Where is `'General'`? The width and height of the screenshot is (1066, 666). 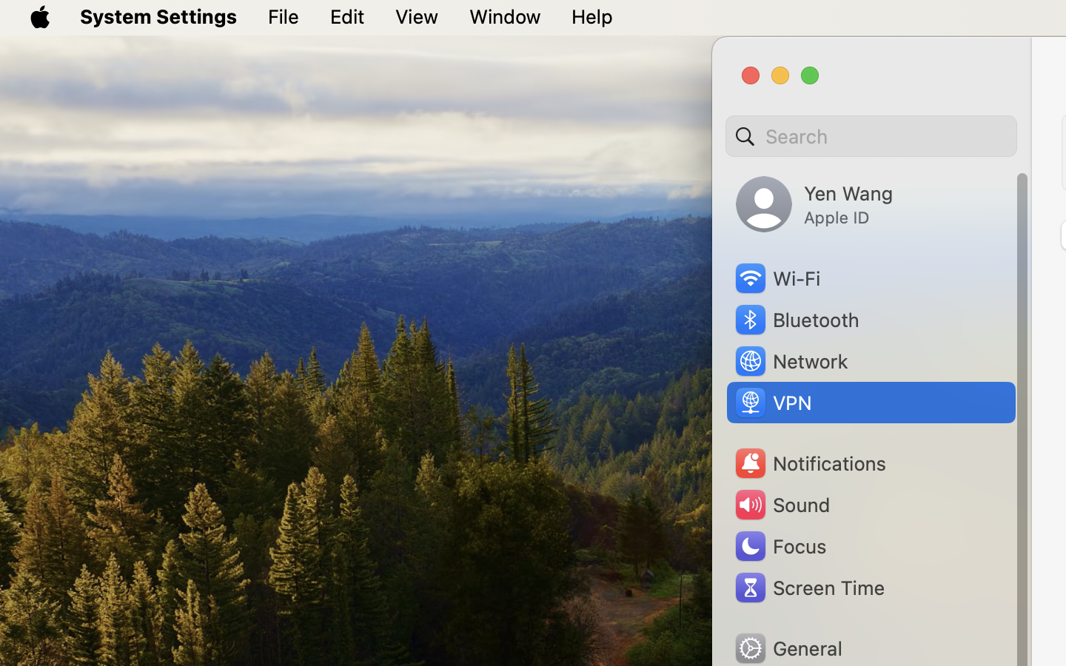 'General' is located at coordinates (788, 647).